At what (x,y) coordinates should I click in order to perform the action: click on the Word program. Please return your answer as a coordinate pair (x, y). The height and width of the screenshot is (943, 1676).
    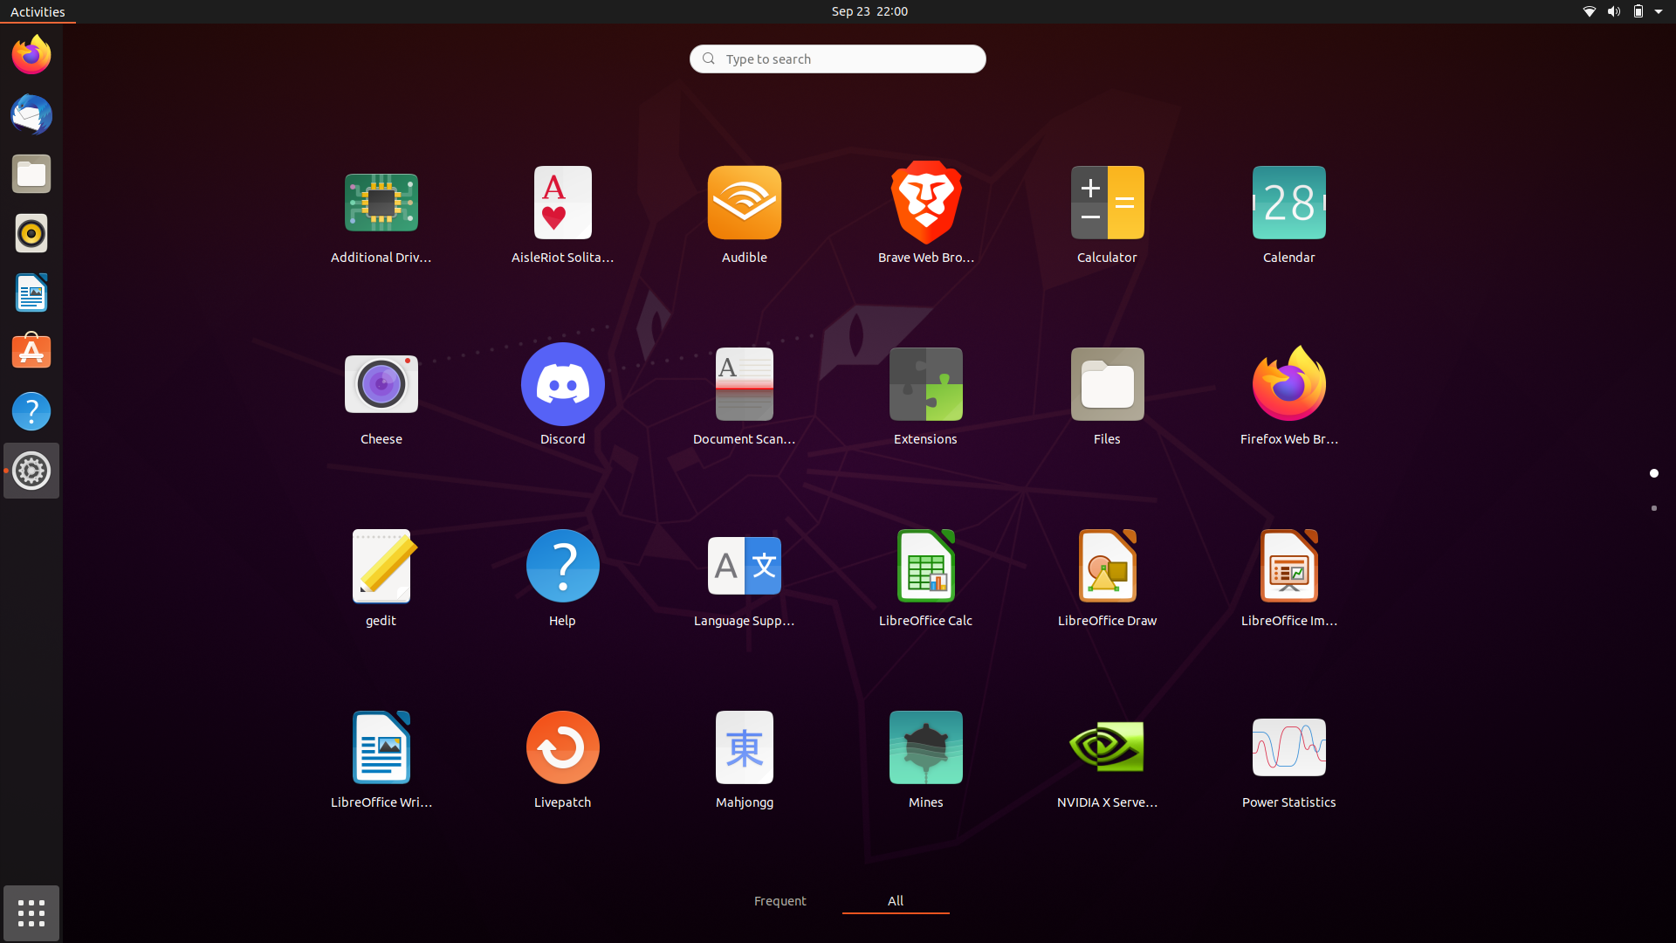
    Looking at the image, I should click on (381, 757).